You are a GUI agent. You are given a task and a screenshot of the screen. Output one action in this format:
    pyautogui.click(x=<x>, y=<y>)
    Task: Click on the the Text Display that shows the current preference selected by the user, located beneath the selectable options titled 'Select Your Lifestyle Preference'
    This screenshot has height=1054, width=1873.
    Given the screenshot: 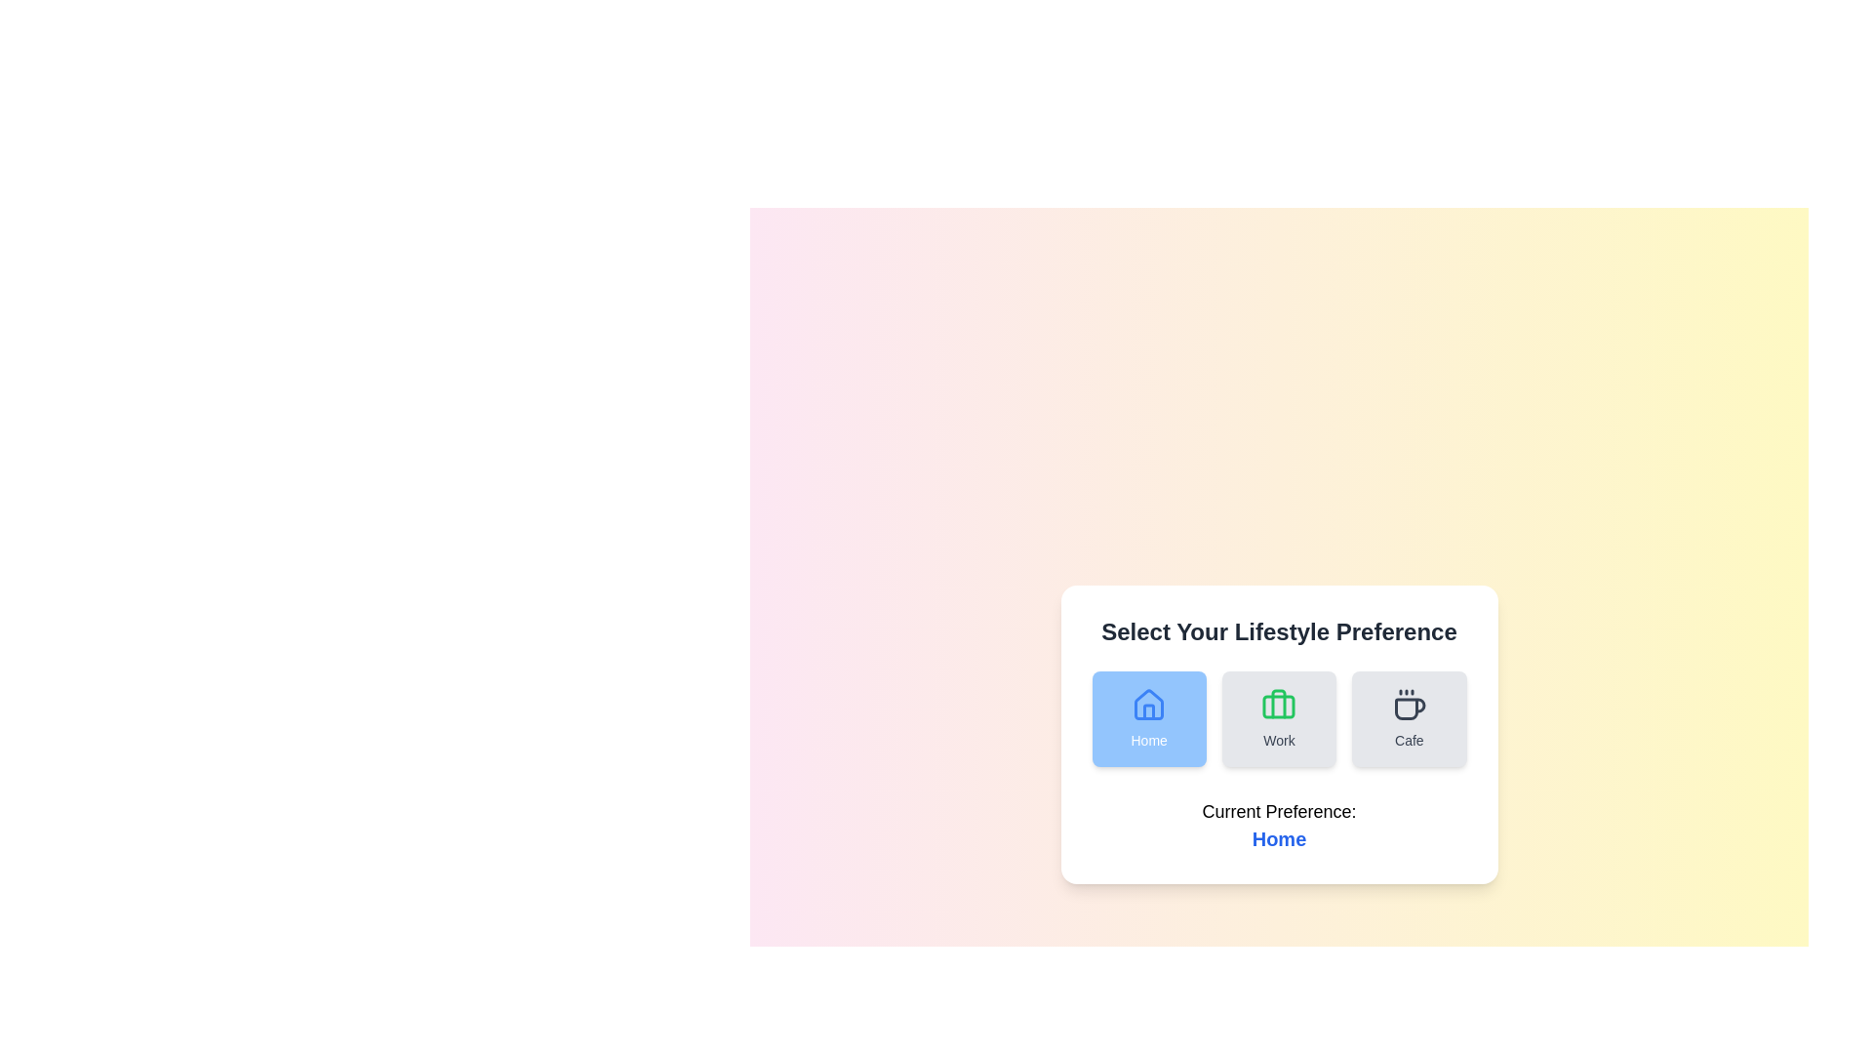 What is the action you would take?
    pyautogui.click(x=1279, y=825)
    